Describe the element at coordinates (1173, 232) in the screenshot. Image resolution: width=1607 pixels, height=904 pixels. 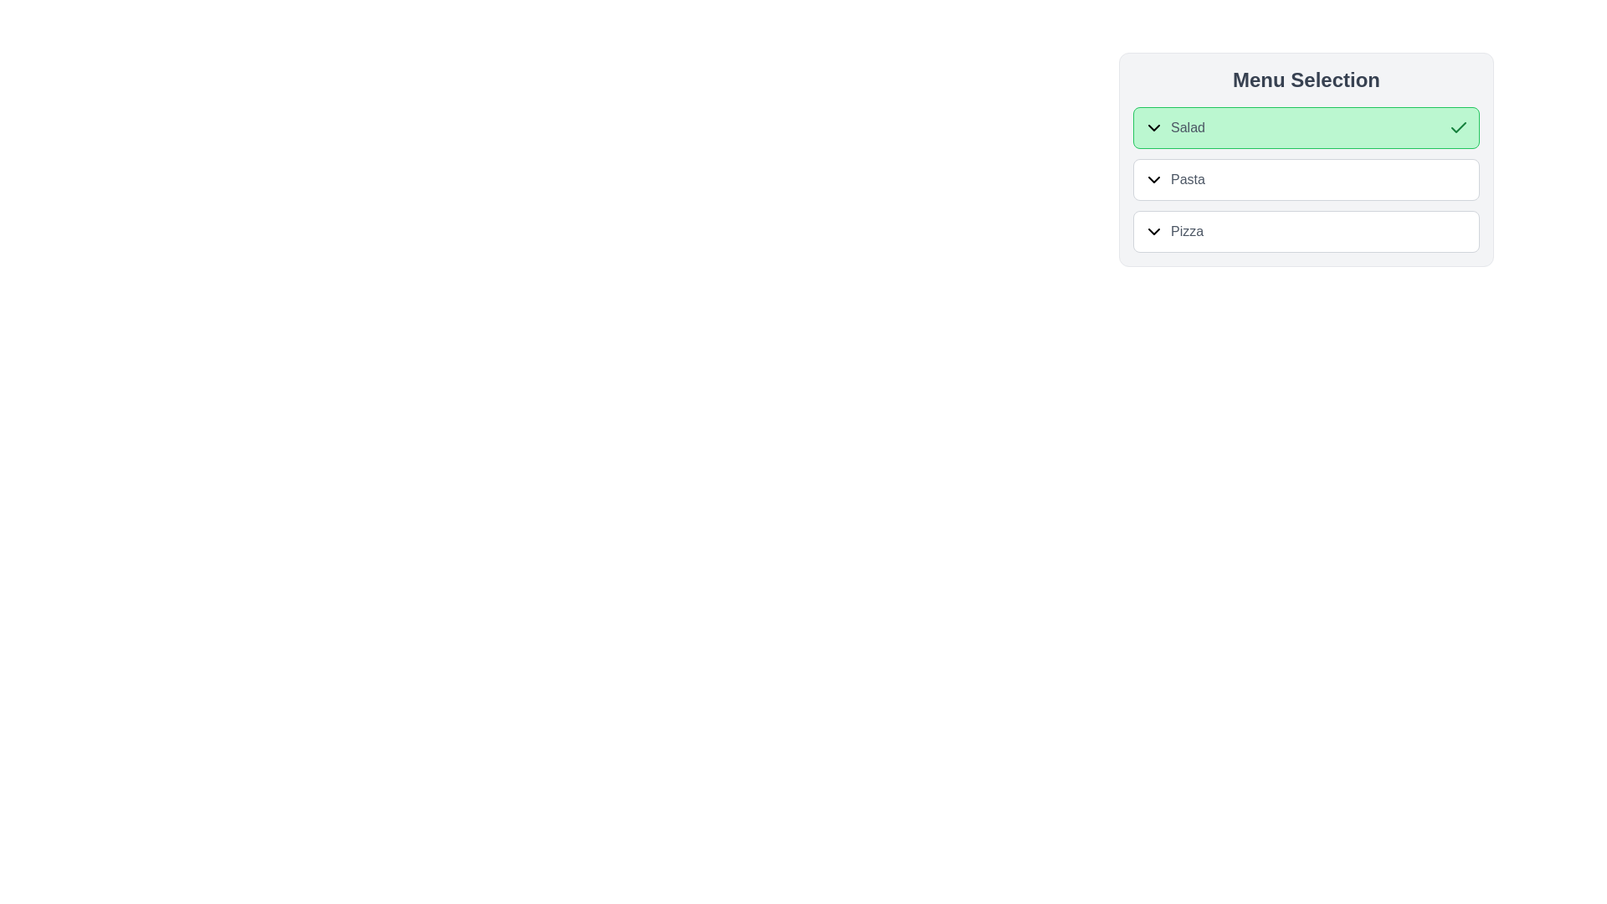
I see `the 'Pizza' text label, which is displayed in a medium font weight with a gray hue` at that location.